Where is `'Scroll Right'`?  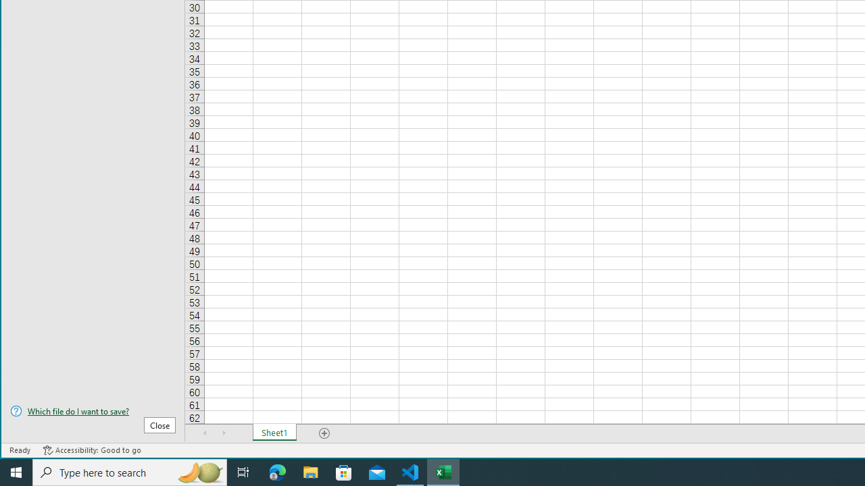 'Scroll Right' is located at coordinates (224, 433).